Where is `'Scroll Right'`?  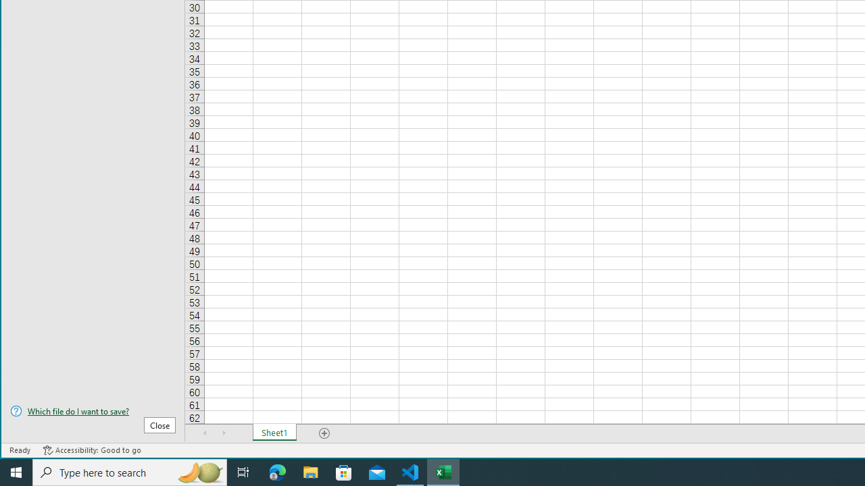 'Scroll Right' is located at coordinates (224, 433).